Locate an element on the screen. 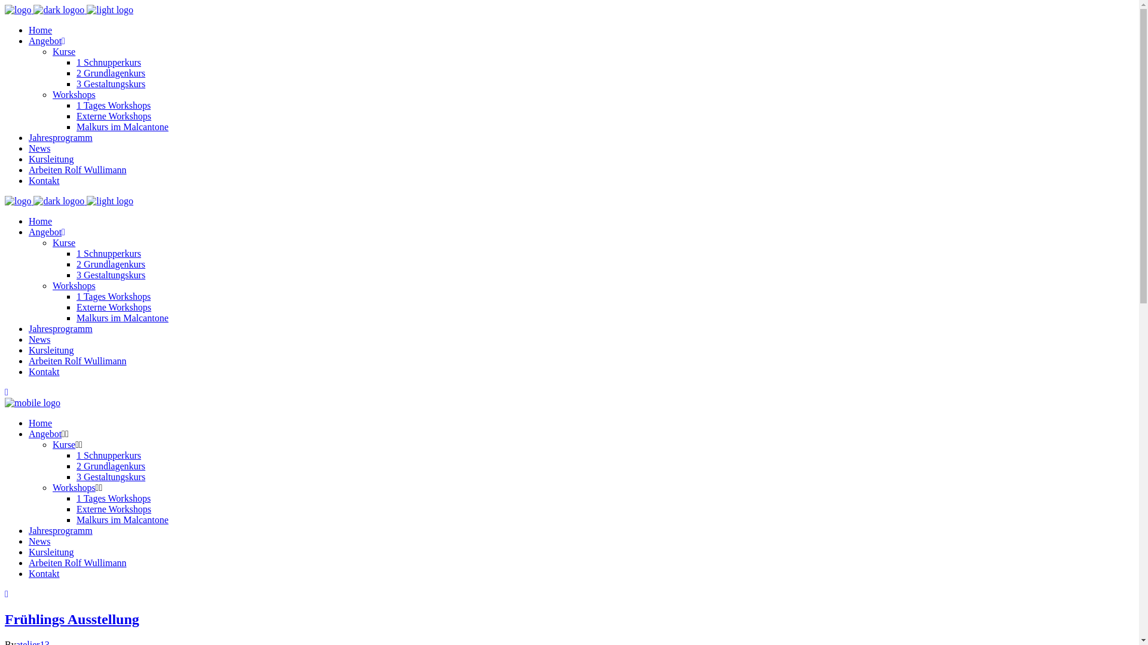 This screenshot has width=1148, height=645. '1 Tages Workshops' is located at coordinates (114, 498).